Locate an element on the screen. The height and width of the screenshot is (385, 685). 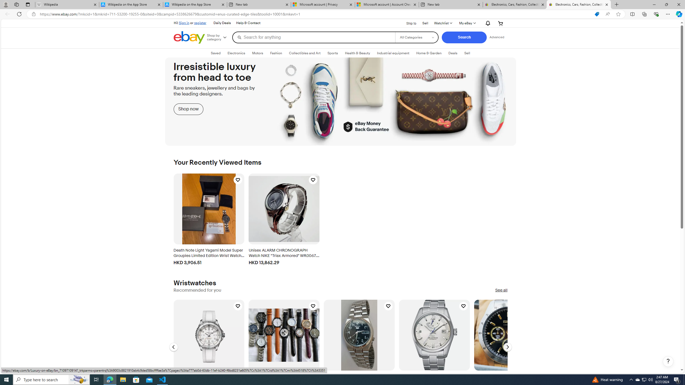
'Deals' is located at coordinates (453, 53).